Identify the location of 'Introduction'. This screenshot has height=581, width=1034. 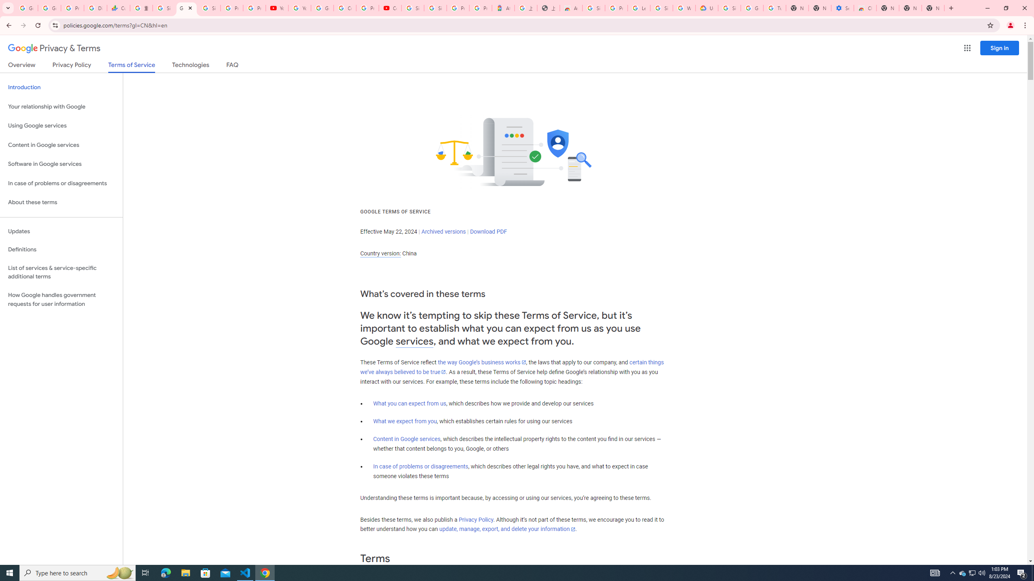
(61, 87).